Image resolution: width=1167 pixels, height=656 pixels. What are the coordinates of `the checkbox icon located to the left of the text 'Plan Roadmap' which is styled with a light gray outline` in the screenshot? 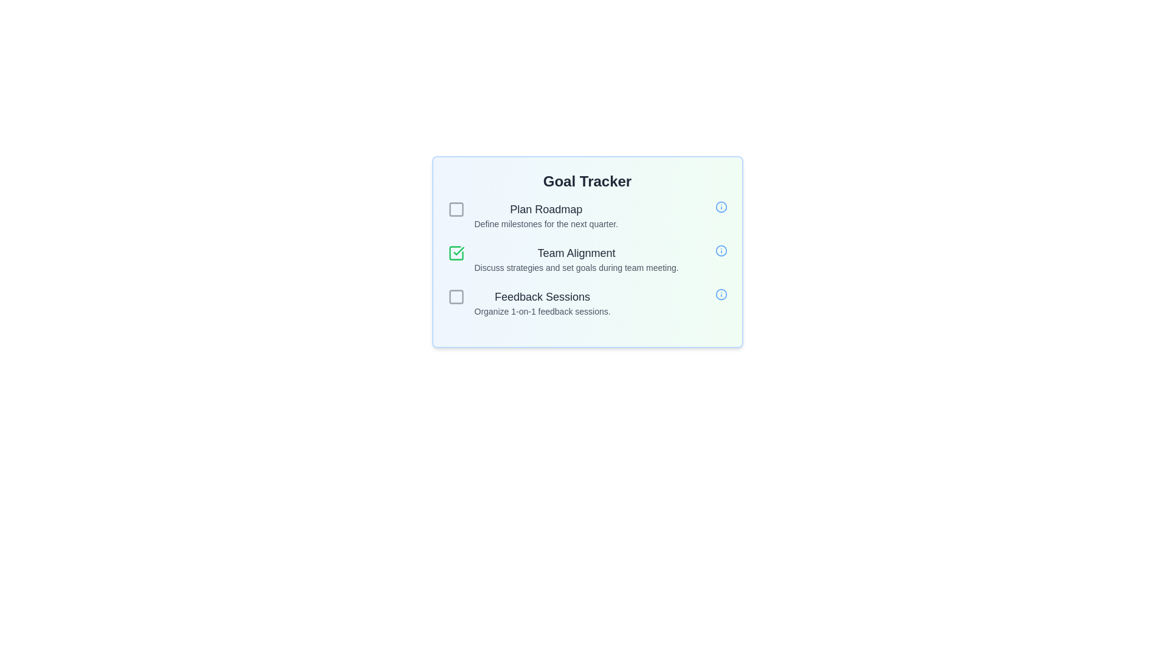 It's located at (455, 208).